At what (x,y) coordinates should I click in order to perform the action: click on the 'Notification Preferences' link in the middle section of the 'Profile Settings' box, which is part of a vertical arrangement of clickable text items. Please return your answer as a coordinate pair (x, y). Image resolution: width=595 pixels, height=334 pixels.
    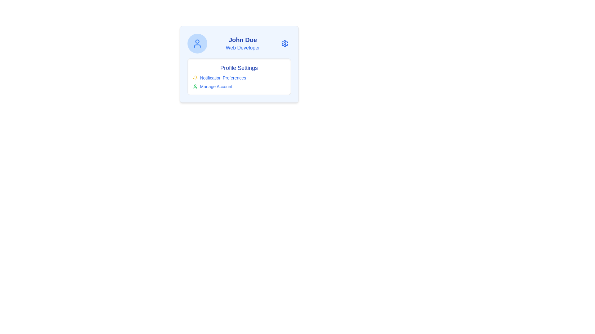
    Looking at the image, I should click on (239, 82).